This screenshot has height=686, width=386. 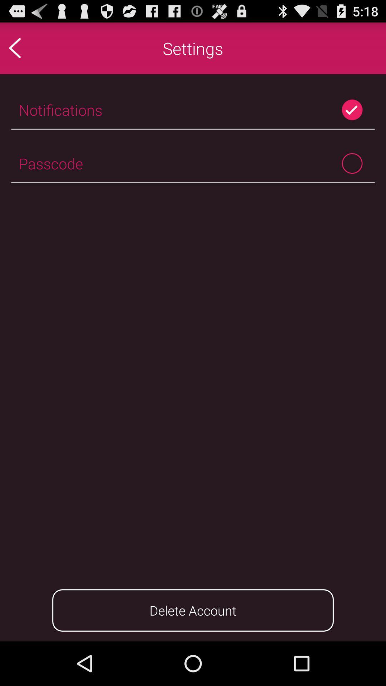 I want to click on enable passcode, so click(x=352, y=163).